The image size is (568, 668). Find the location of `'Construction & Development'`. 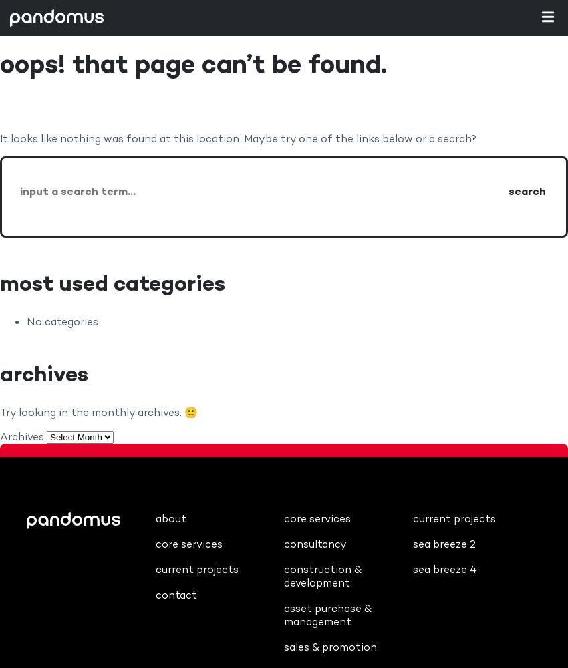

'Construction & Development' is located at coordinates (322, 575).